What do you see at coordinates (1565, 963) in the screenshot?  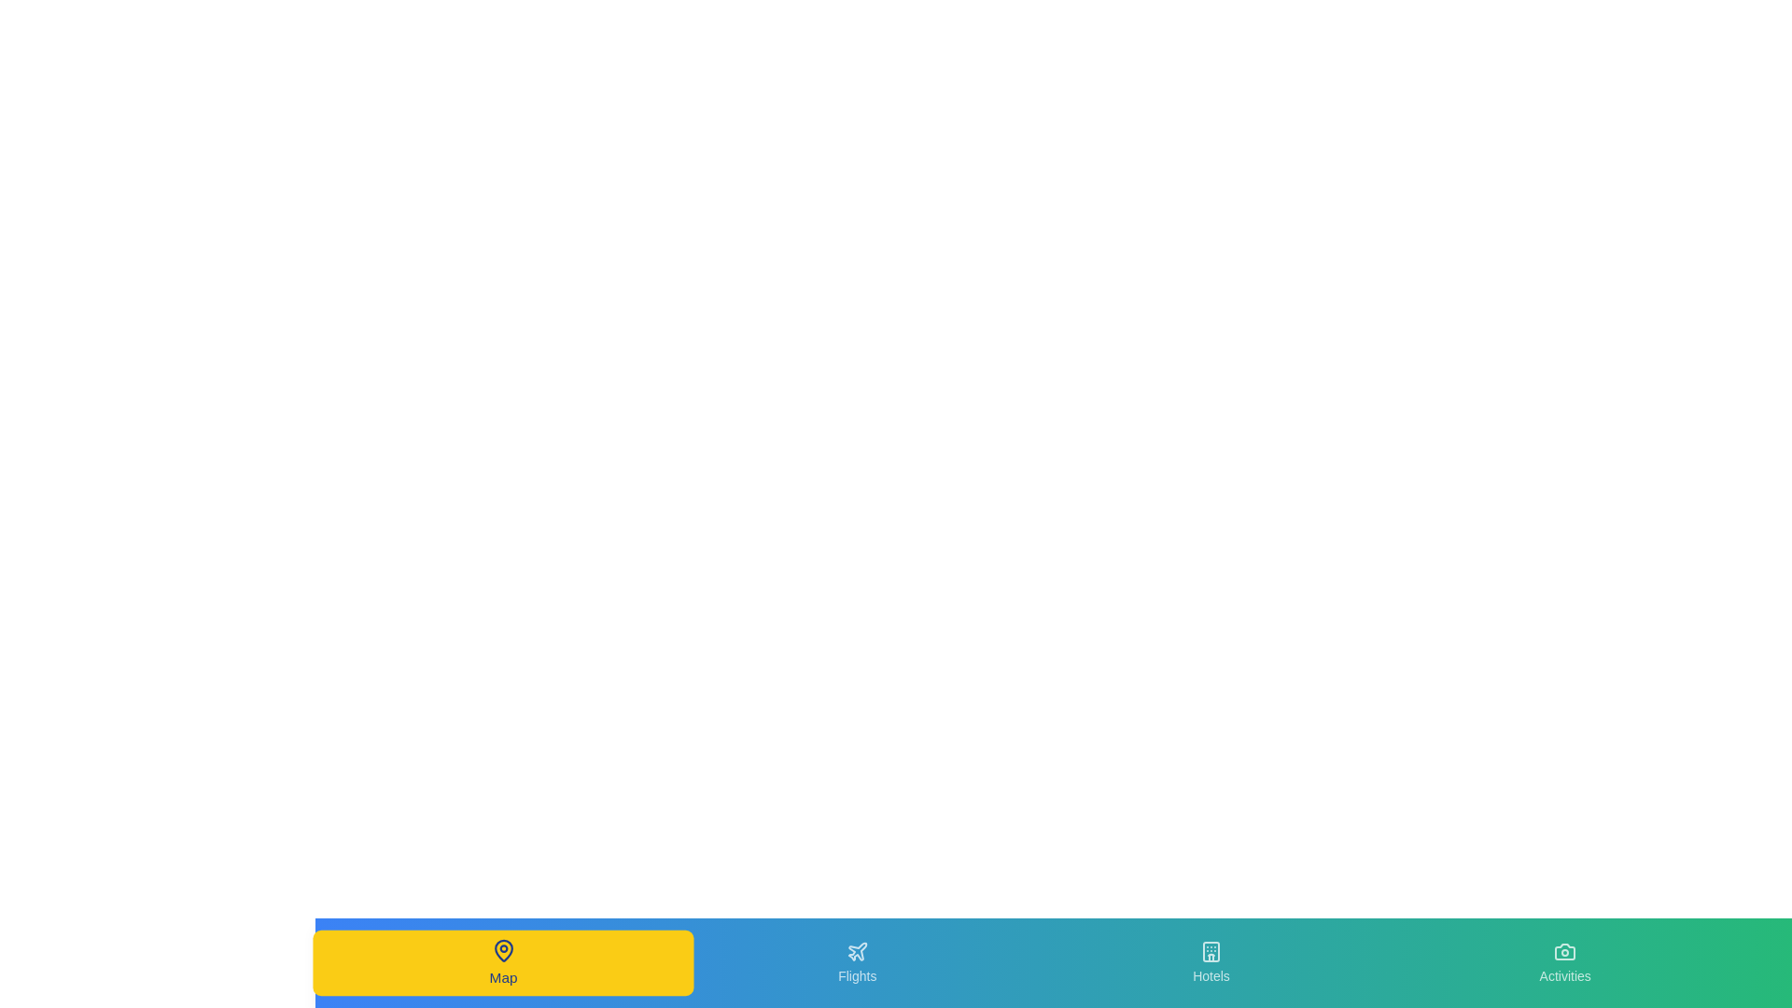 I see `the tab labeled 'Activities' to preview its hover state` at bounding box center [1565, 963].